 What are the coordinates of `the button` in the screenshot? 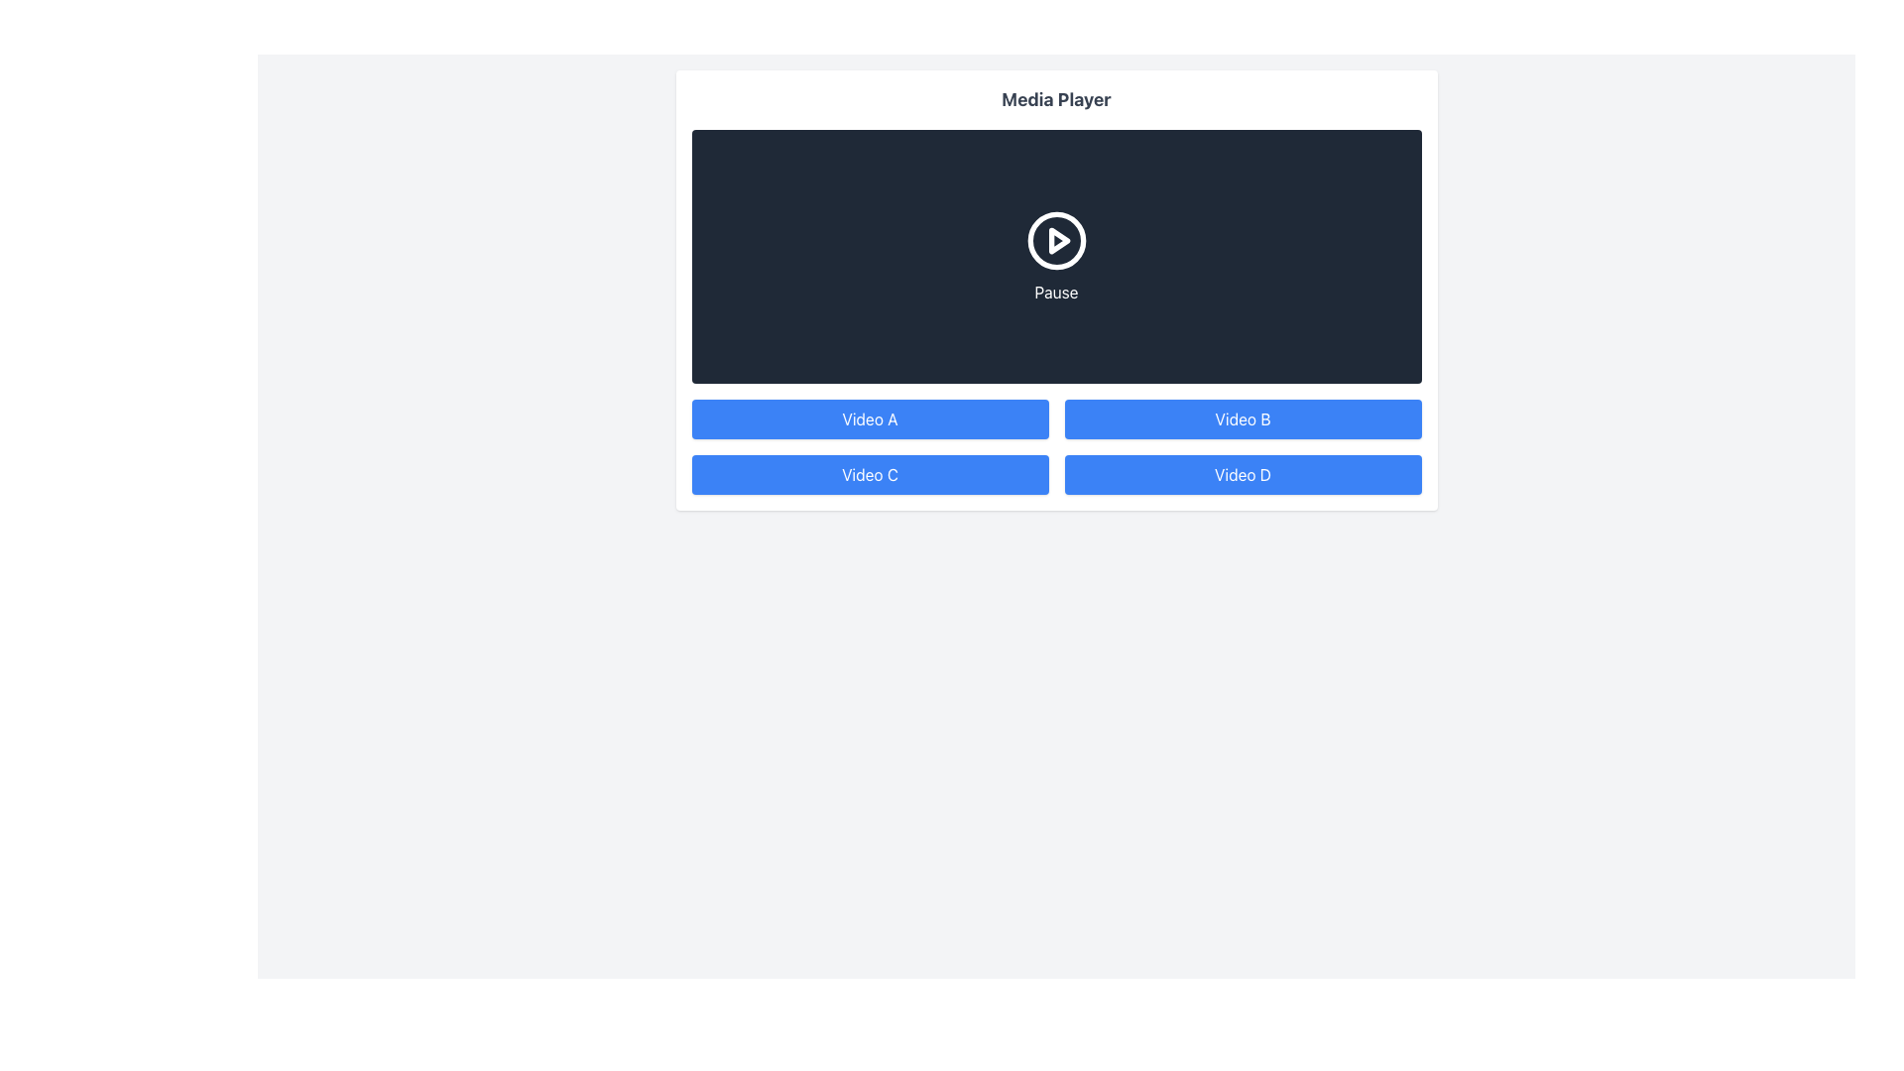 It's located at (870, 474).